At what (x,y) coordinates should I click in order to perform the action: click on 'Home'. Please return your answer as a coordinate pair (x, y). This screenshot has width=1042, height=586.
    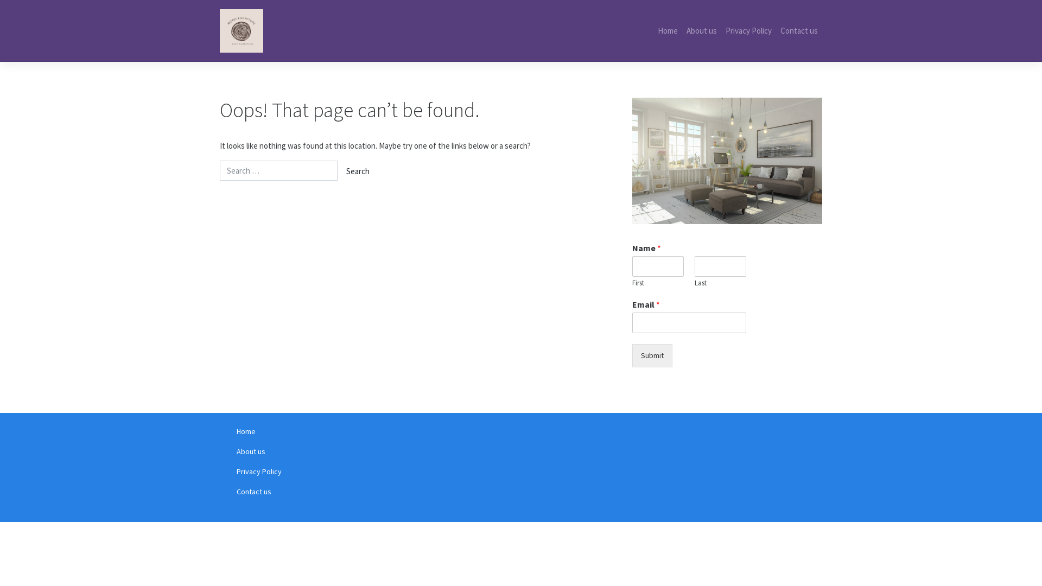
    Looking at the image, I should click on (320, 431).